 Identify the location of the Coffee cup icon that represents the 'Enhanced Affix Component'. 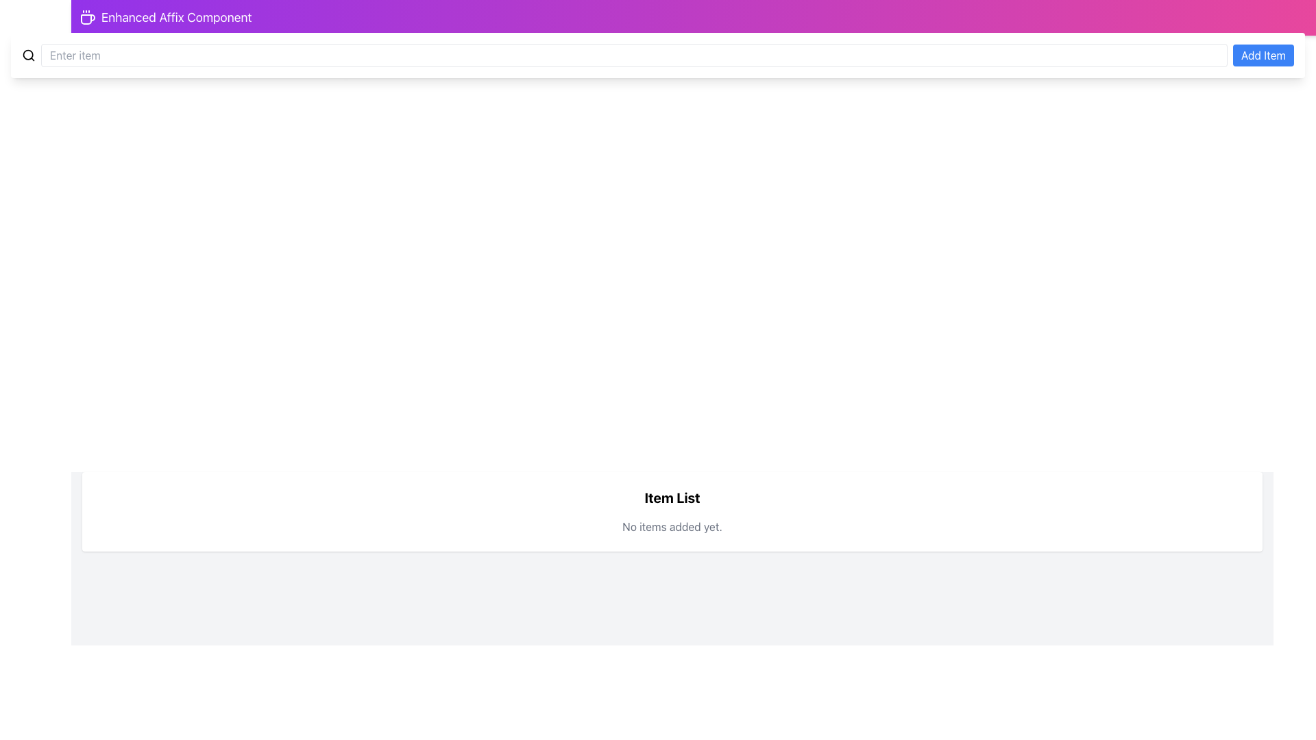
(87, 18).